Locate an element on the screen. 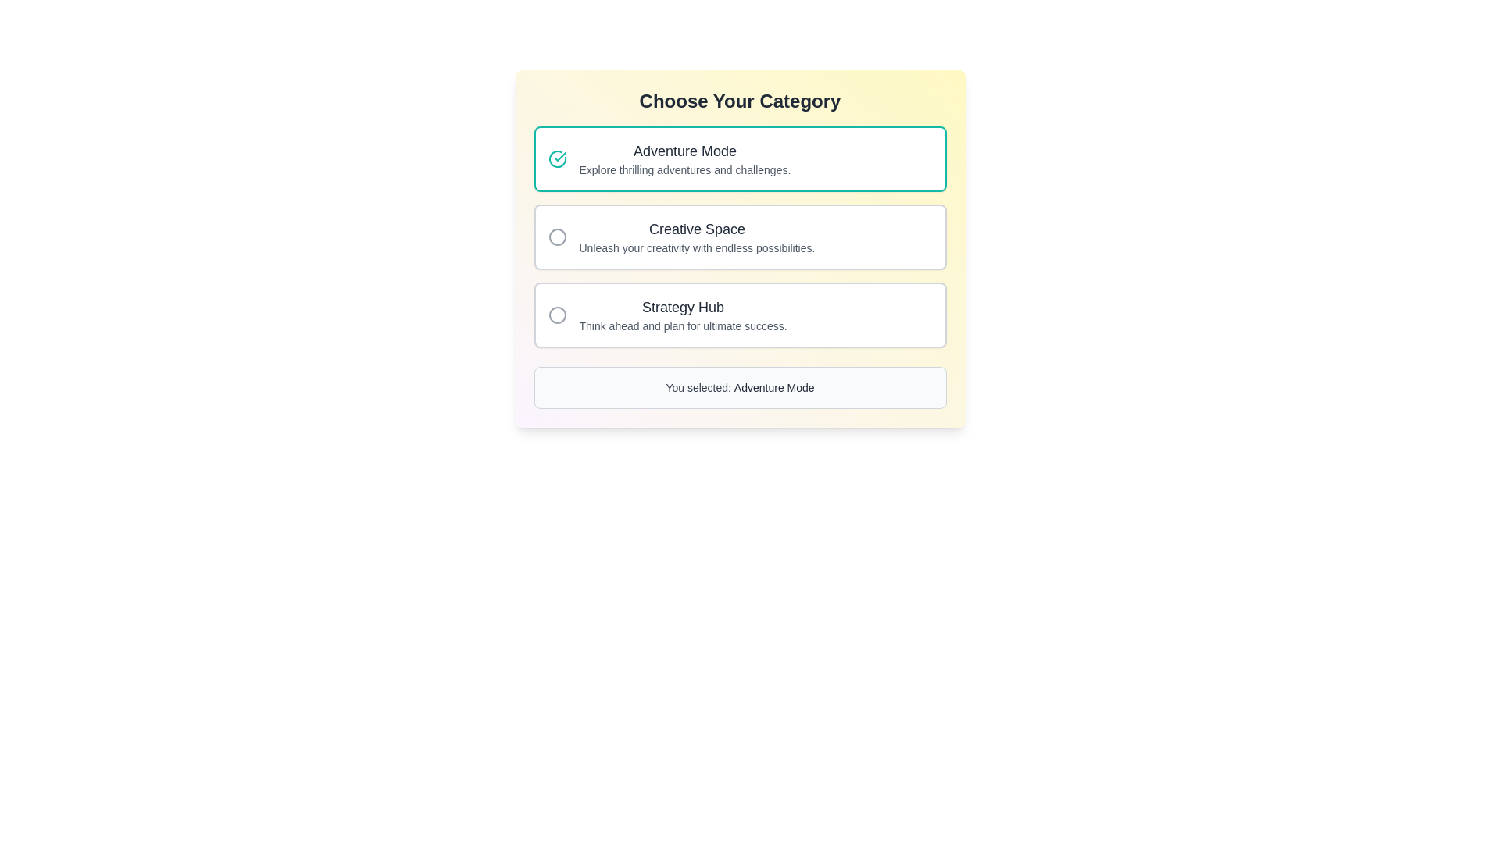 Image resolution: width=1500 pixels, height=843 pixels. the static text element displaying the message 'Think ahead and plan for ultimate success.' which is located below the header 'Strategy Hub' is located at coordinates (683, 325).